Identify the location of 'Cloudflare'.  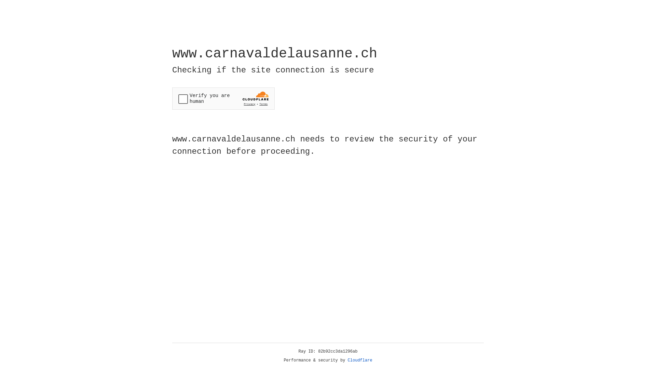
(360, 360).